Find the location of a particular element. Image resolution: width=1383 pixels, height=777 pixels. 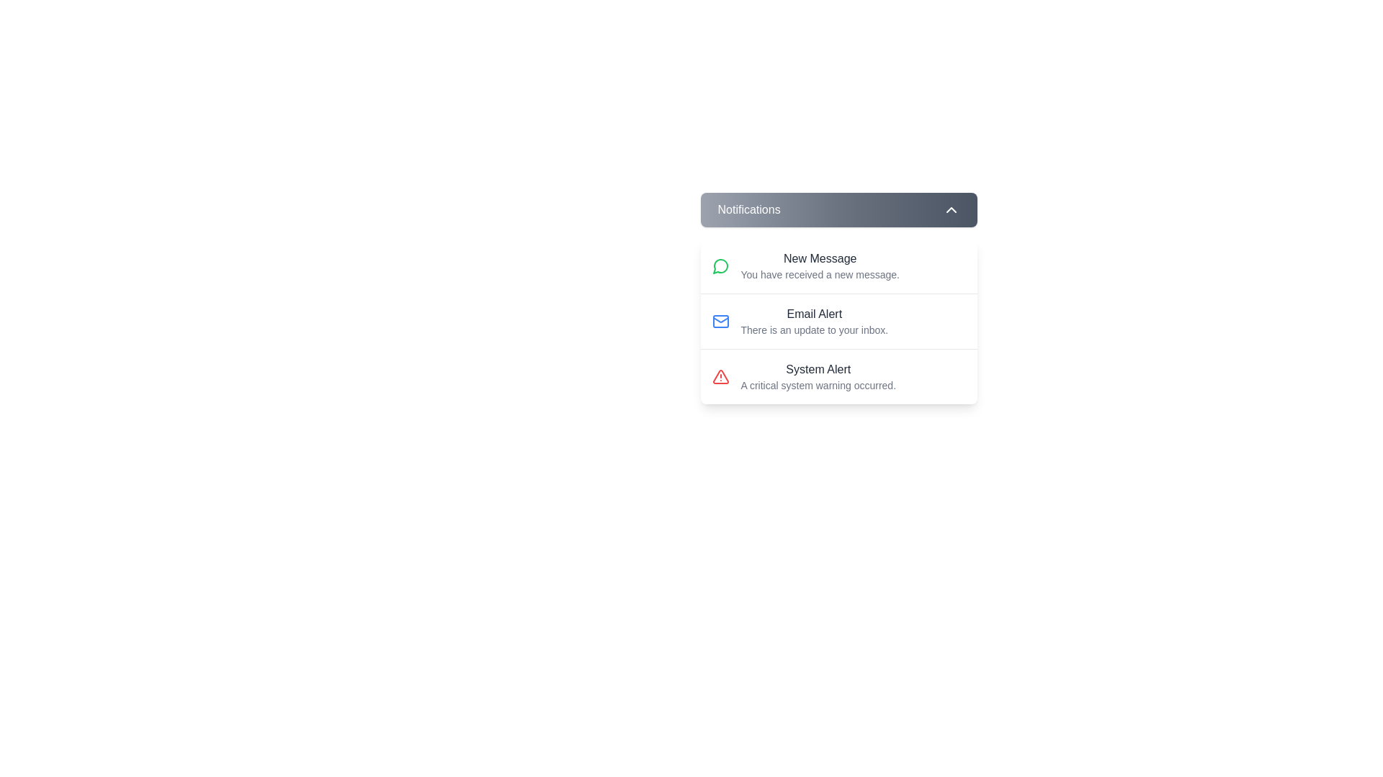

supplementary notification message indicating an update in the user's inbox located beneath the bold title within the 'Email Alert' notification card is located at coordinates (814, 330).